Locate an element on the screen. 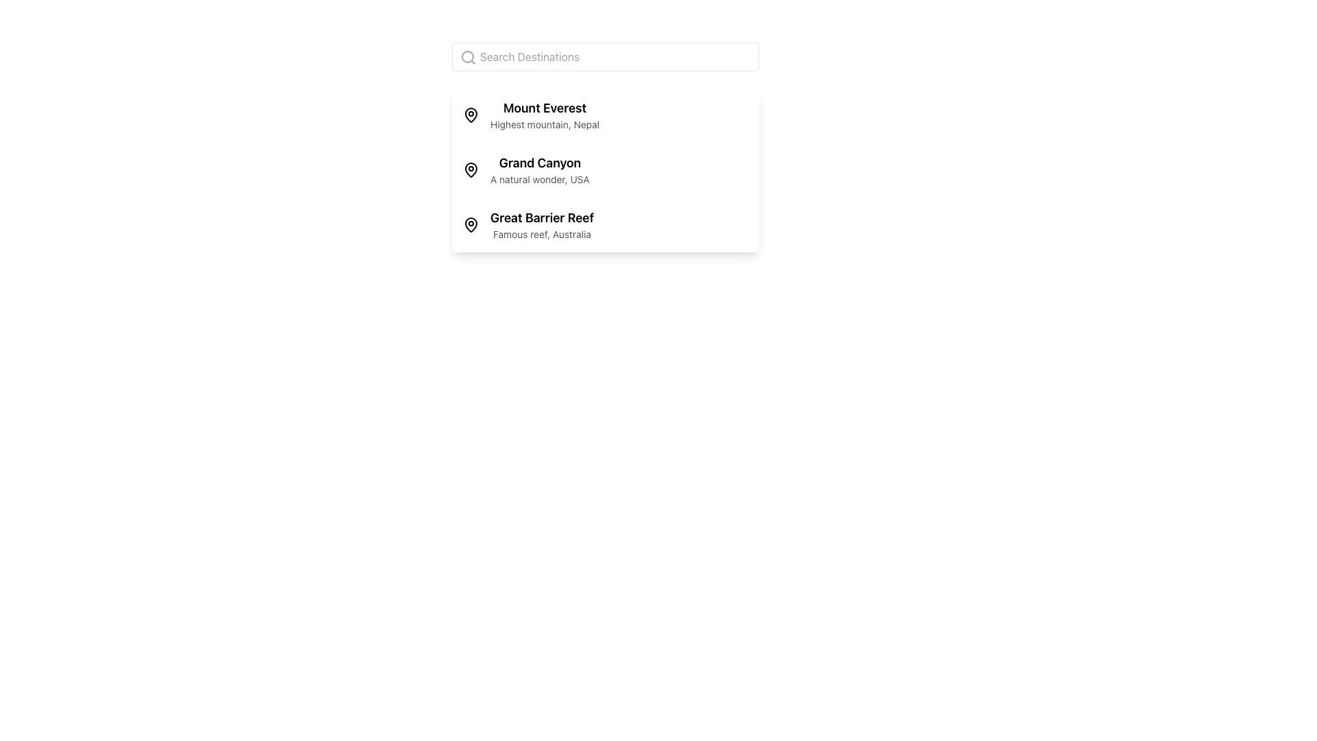  text 'Mount Everest' which is styled in bold and larger font, located at the top of a description block above 'Highest mountain, Nepal' is located at coordinates (544, 108).